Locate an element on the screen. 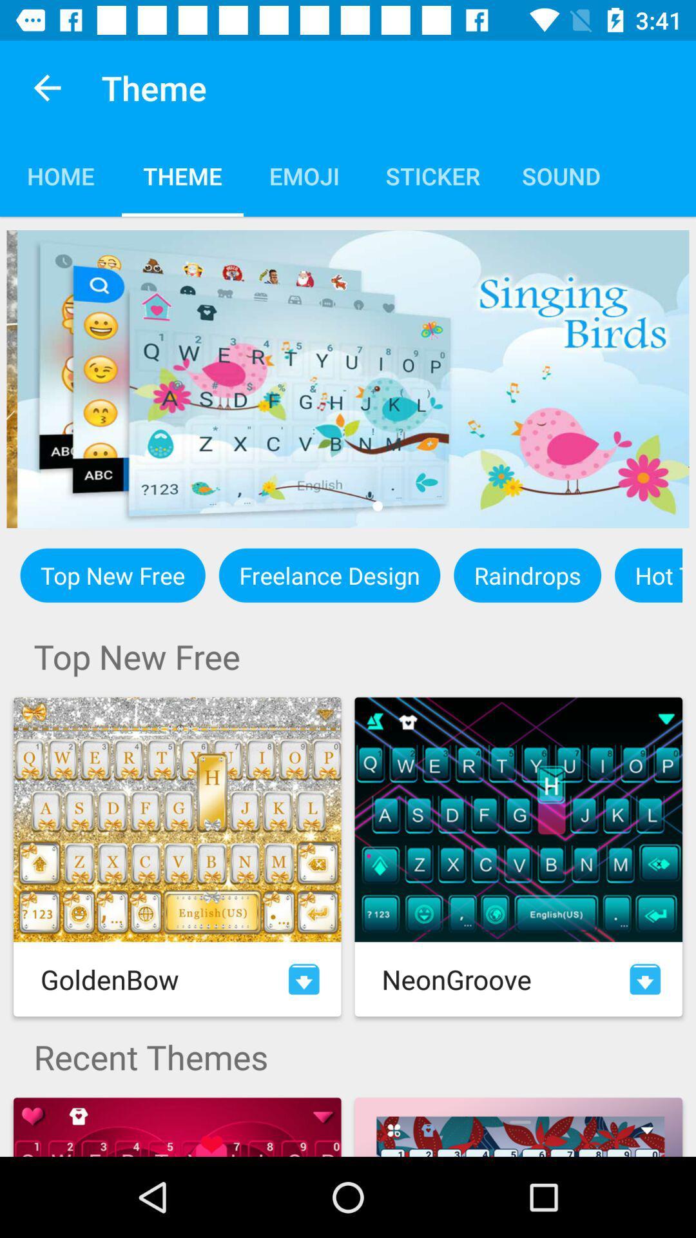 The image size is (696, 1238). the item to the left of raindrops is located at coordinates (329, 575).